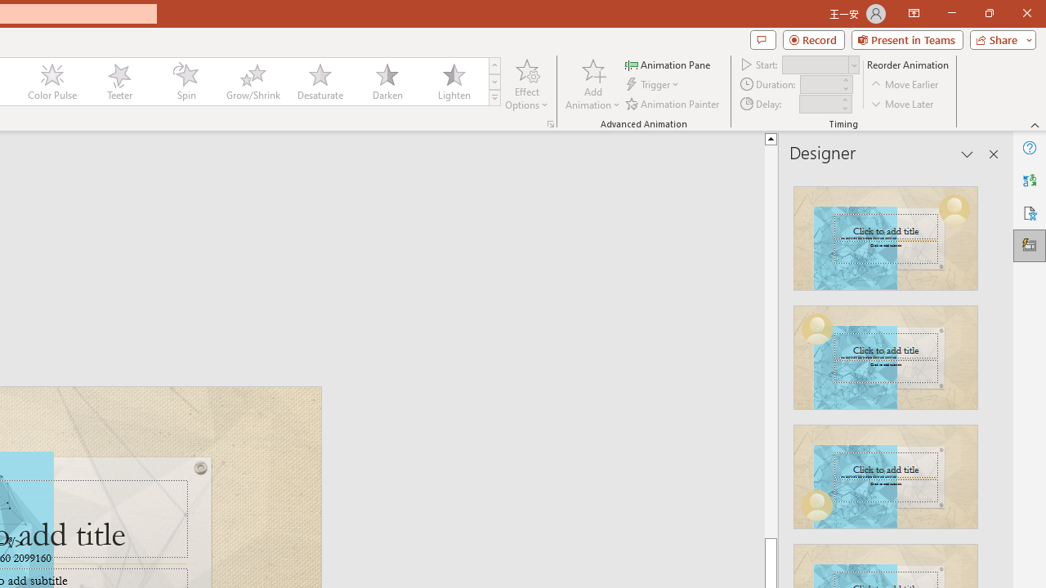 This screenshot has width=1046, height=588. Describe the element at coordinates (118, 82) in the screenshot. I see `'Teeter'` at that location.